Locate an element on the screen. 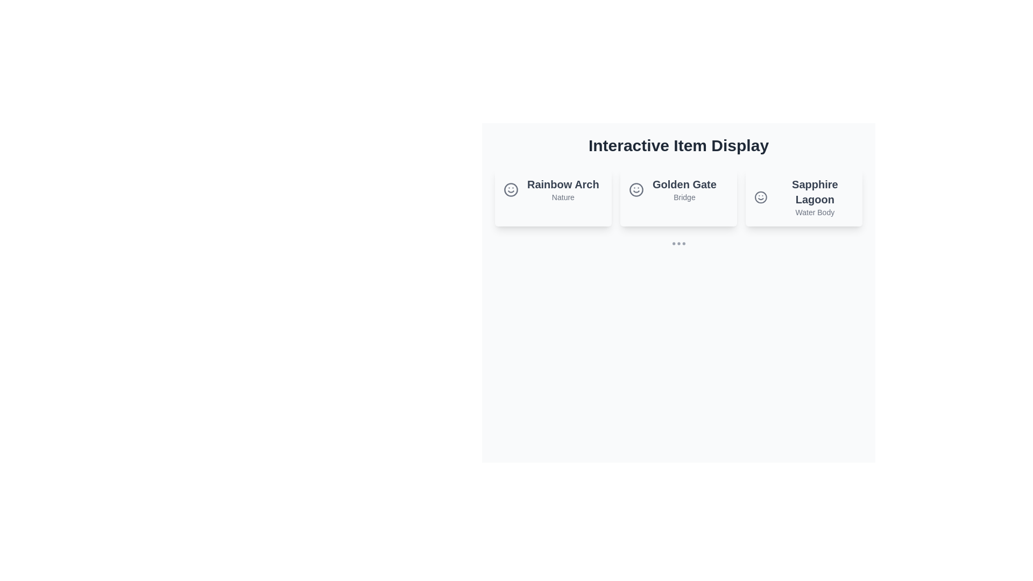 The width and height of the screenshot is (1033, 581). the Text label that displays 'Golden Gate' in bold and 'Bridge' in a smaller font, located in the second card of a horizontal set of three cards is located at coordinates (684, 189).